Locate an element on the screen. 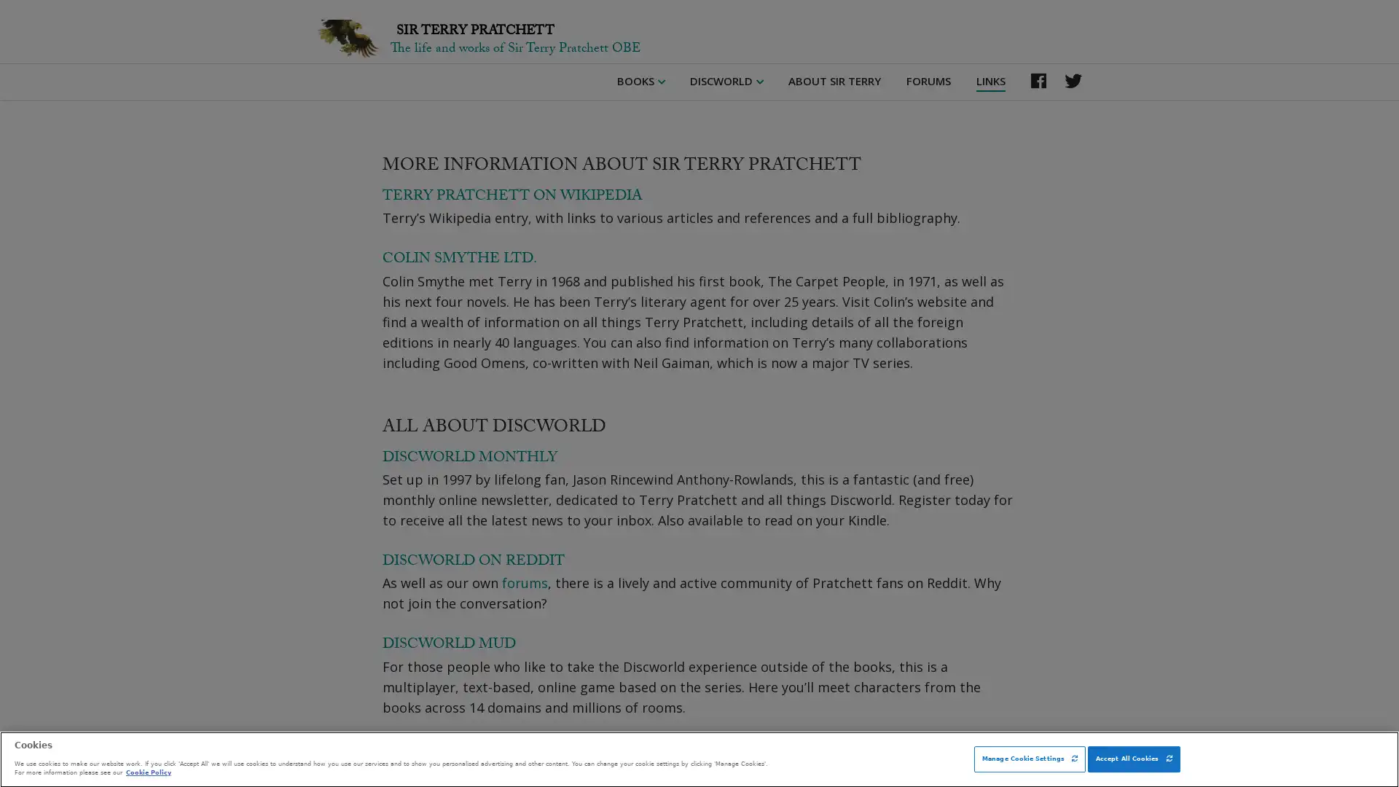 The image size is (1399, 787). Manage Cookie Settings is located at coordinates (1029, 758).